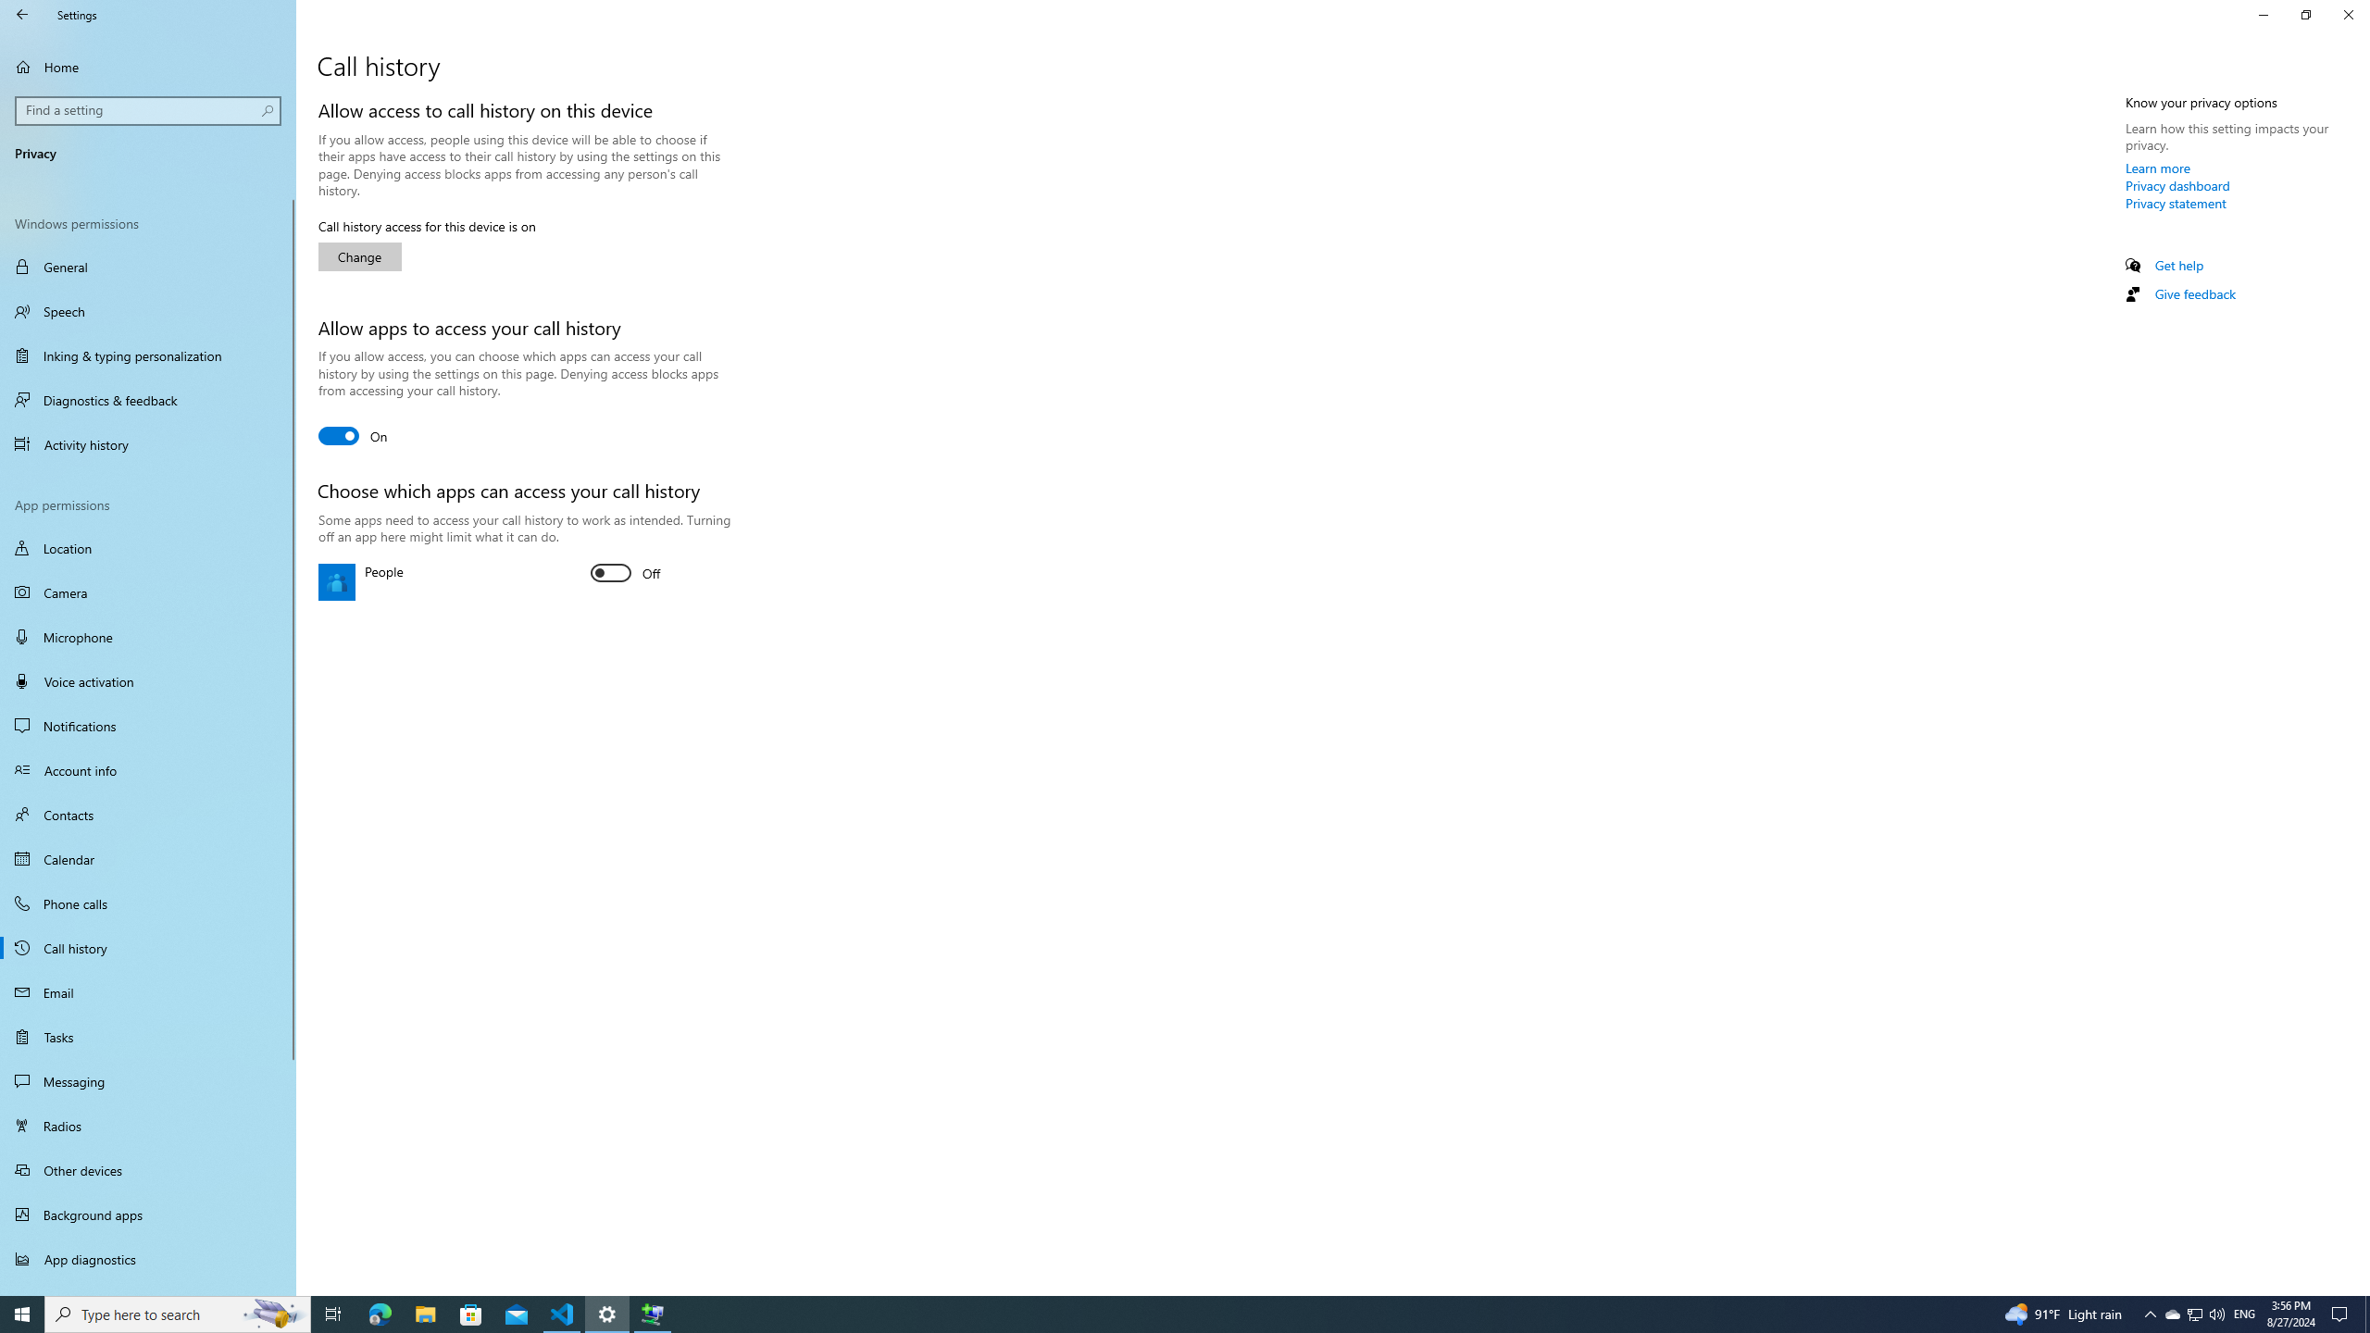 This screenshot has height=1333, width=2370. Describe the element at coordinates (147, 311) in the screenshot. I see `'Speech'` at that location.